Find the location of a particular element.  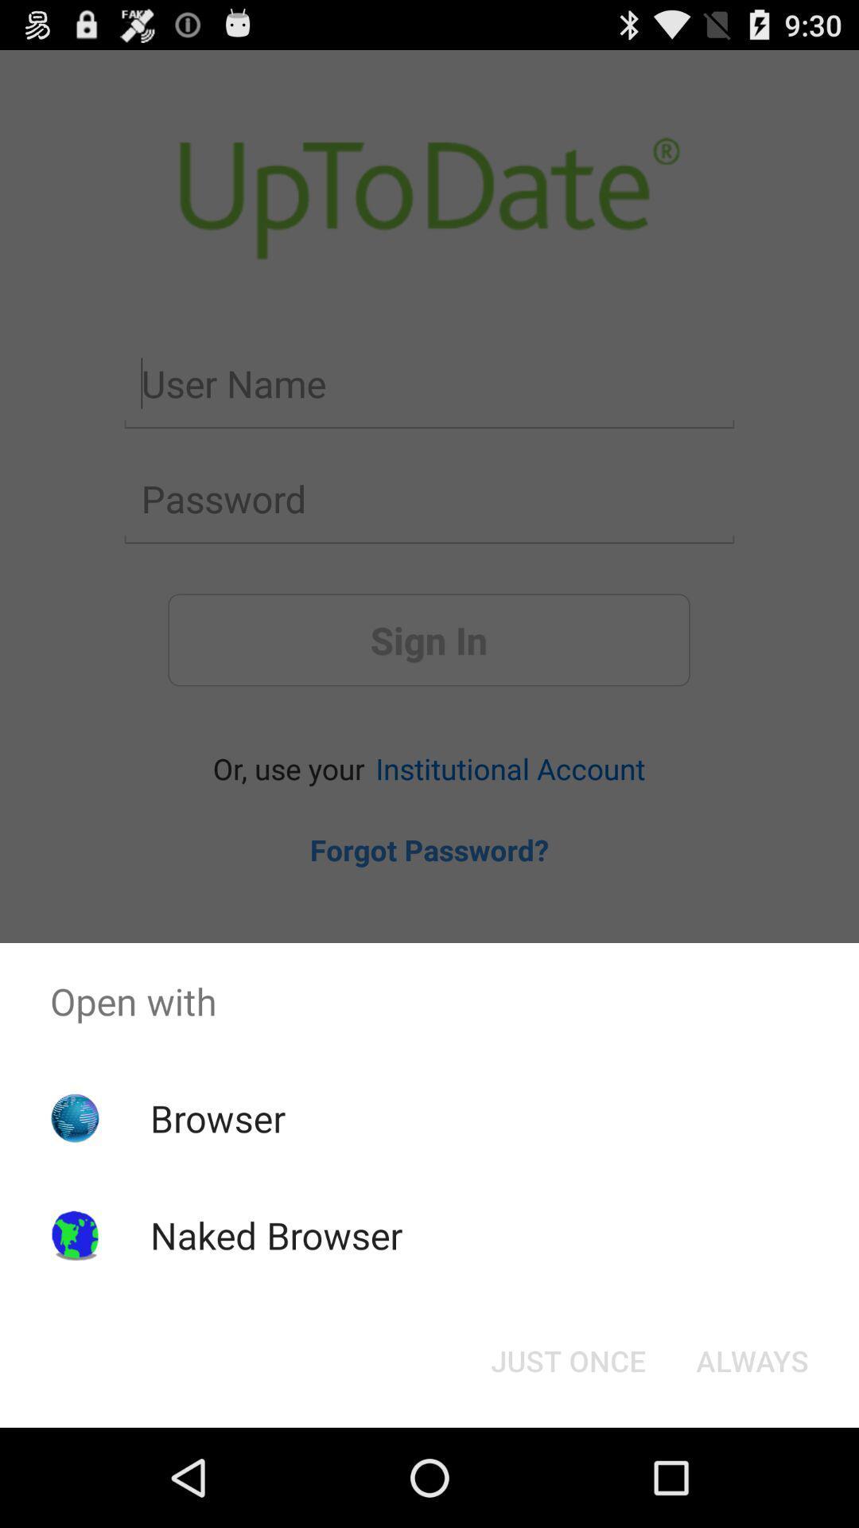

the button to the right of just once button is located at coordinates (752, 1359).